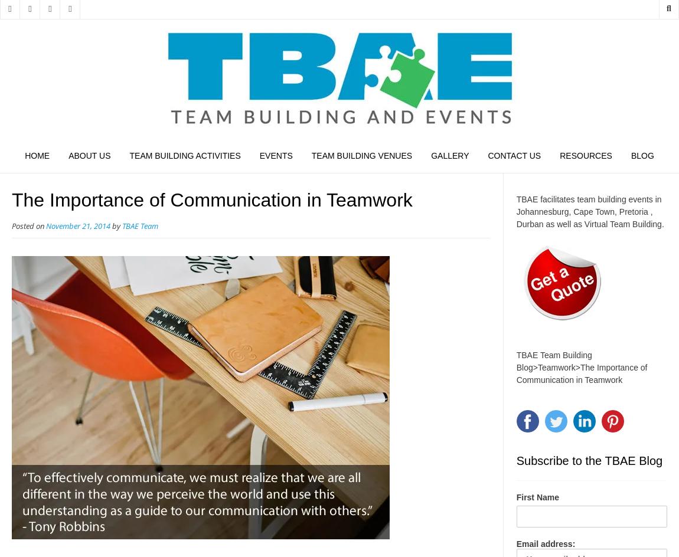 The image size is (679, 557). I want to click on 'Pretoria', so click(633, 211).